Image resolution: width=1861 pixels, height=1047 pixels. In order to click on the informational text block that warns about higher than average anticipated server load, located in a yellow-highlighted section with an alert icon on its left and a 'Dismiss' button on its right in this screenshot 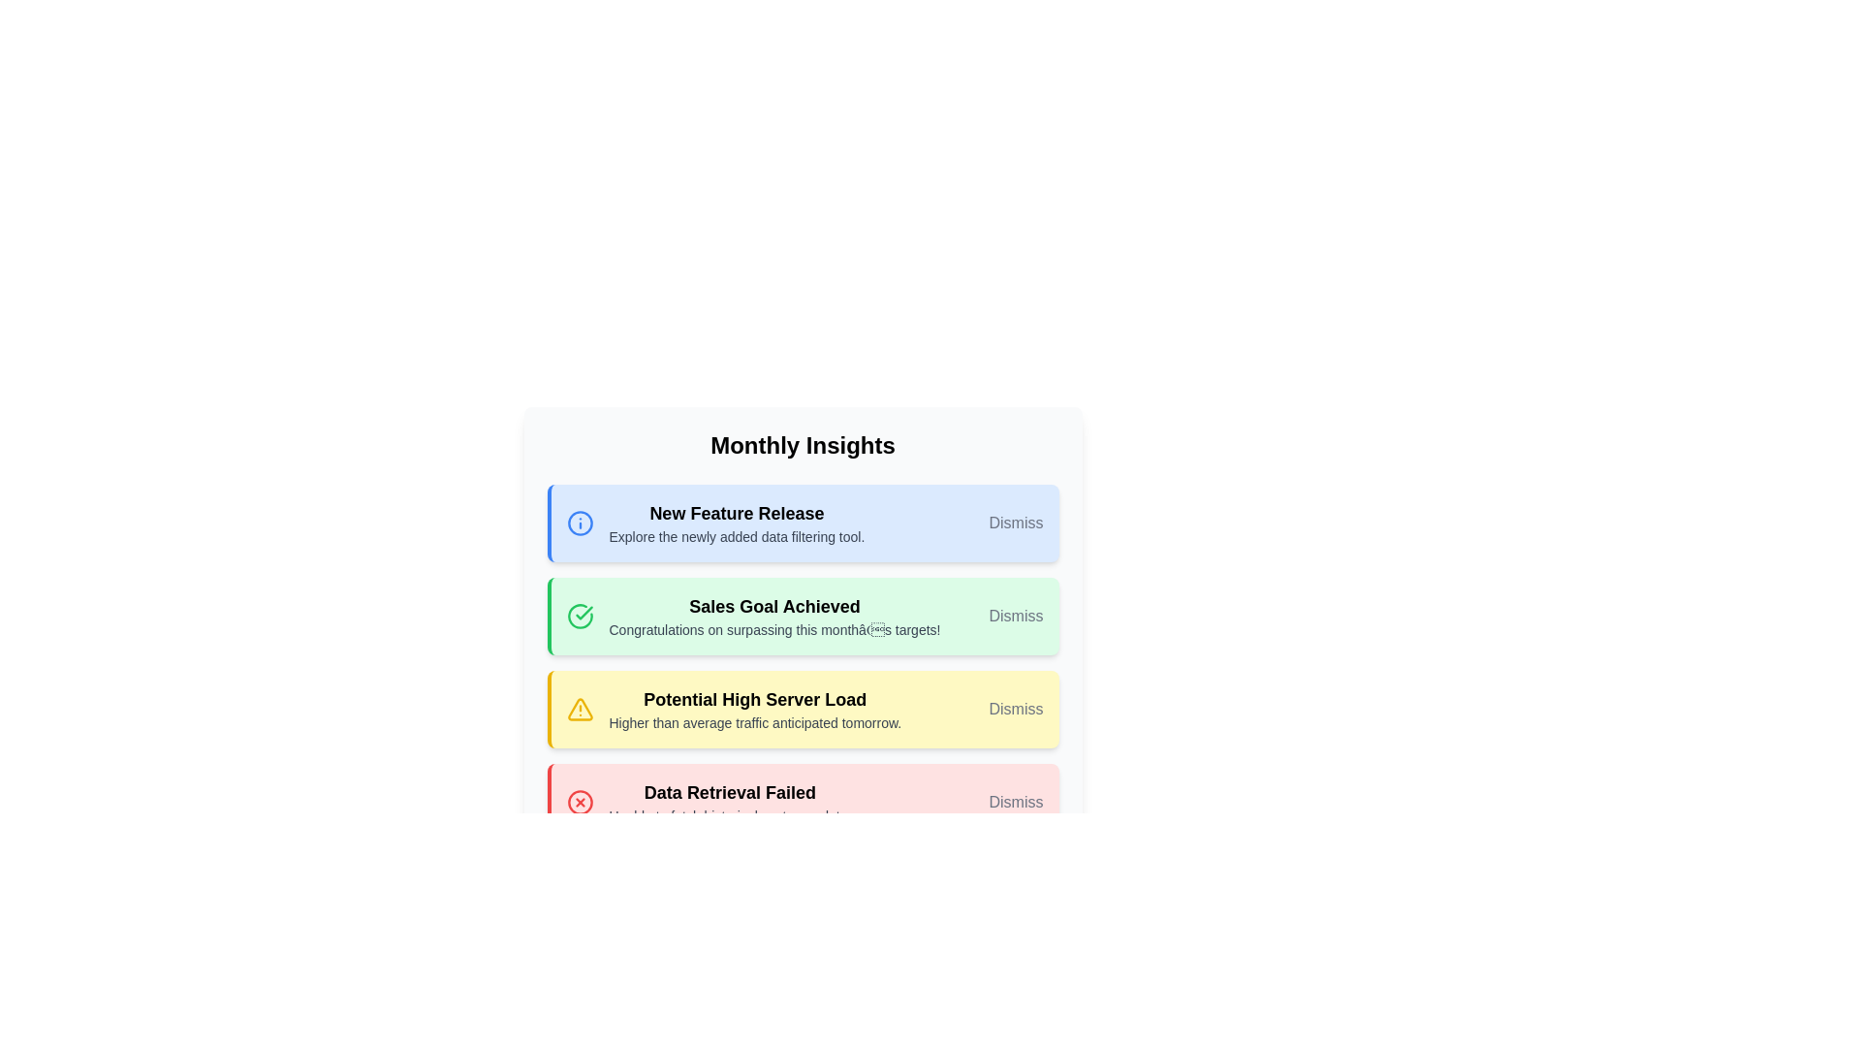, I will do `click(754, 710)`.